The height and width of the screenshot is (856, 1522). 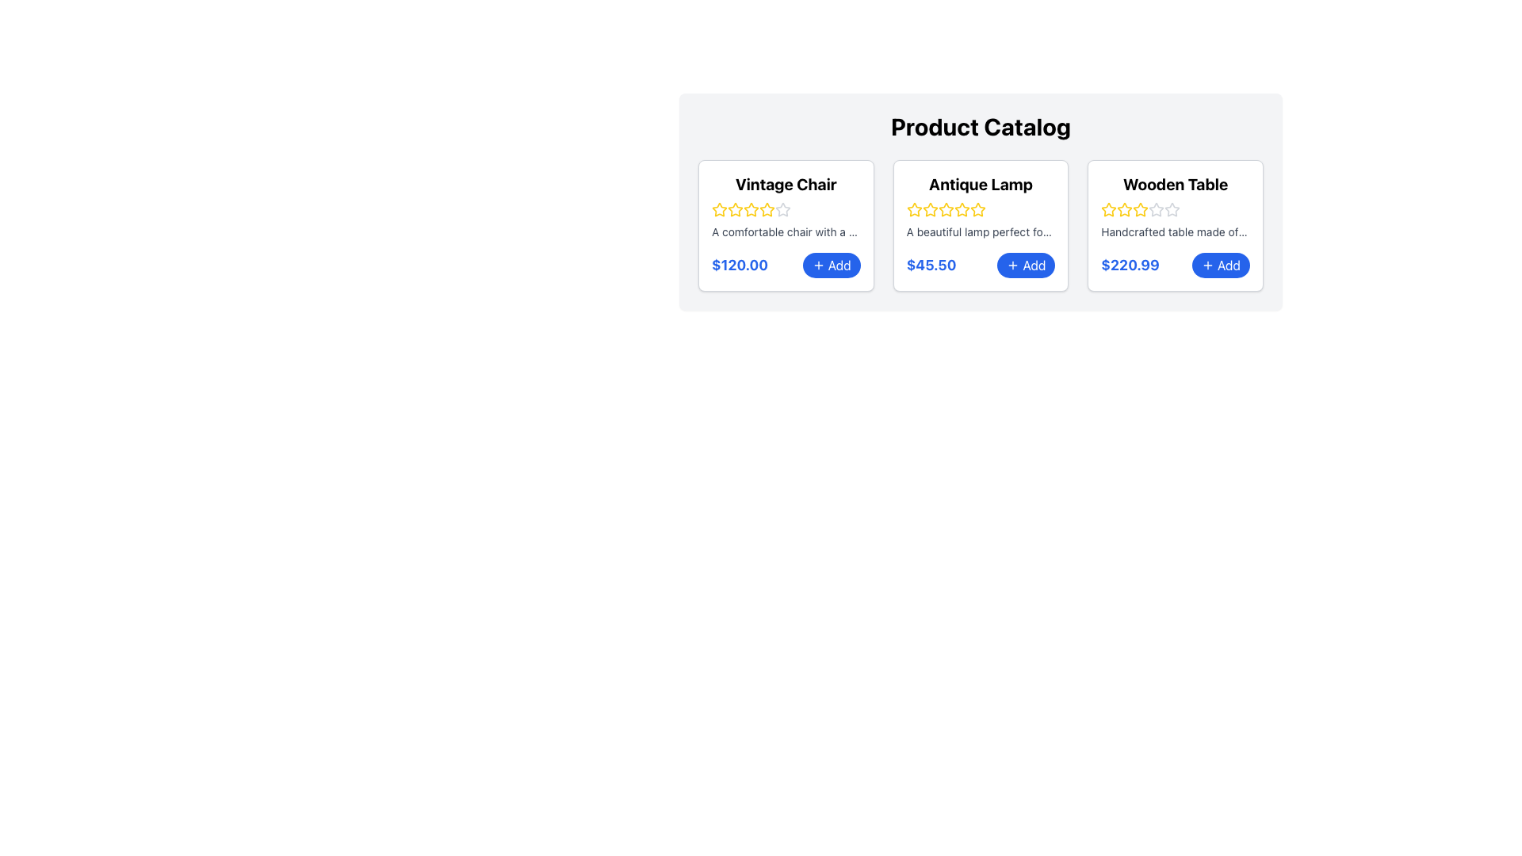 What do you see at coordinates (1140, 209) in the screenshot?
I see `the style of the fourth star icon in the star rating system located under the 'Wooden Table' product card in the 'Product Catalog' section` at bounding box center [1140, 209].